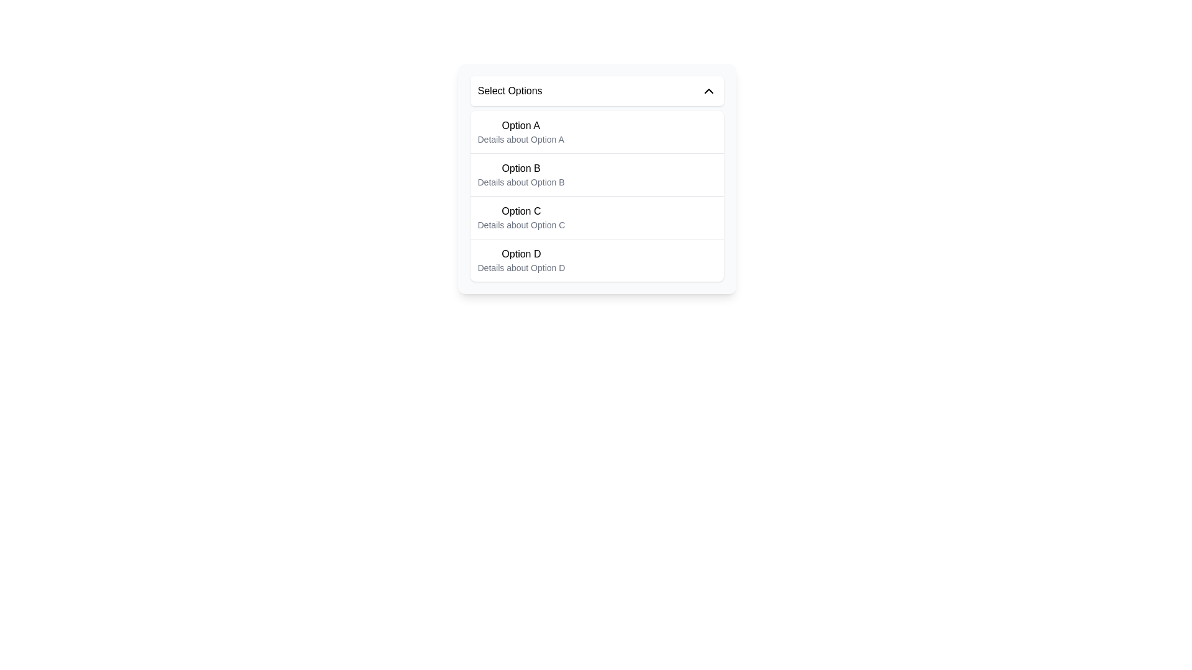 Image resolution: width=1192 pixels, height=670 pixels. I want to click on the second item in the dropdown menu that represents 'Option B', so click(597, 174).